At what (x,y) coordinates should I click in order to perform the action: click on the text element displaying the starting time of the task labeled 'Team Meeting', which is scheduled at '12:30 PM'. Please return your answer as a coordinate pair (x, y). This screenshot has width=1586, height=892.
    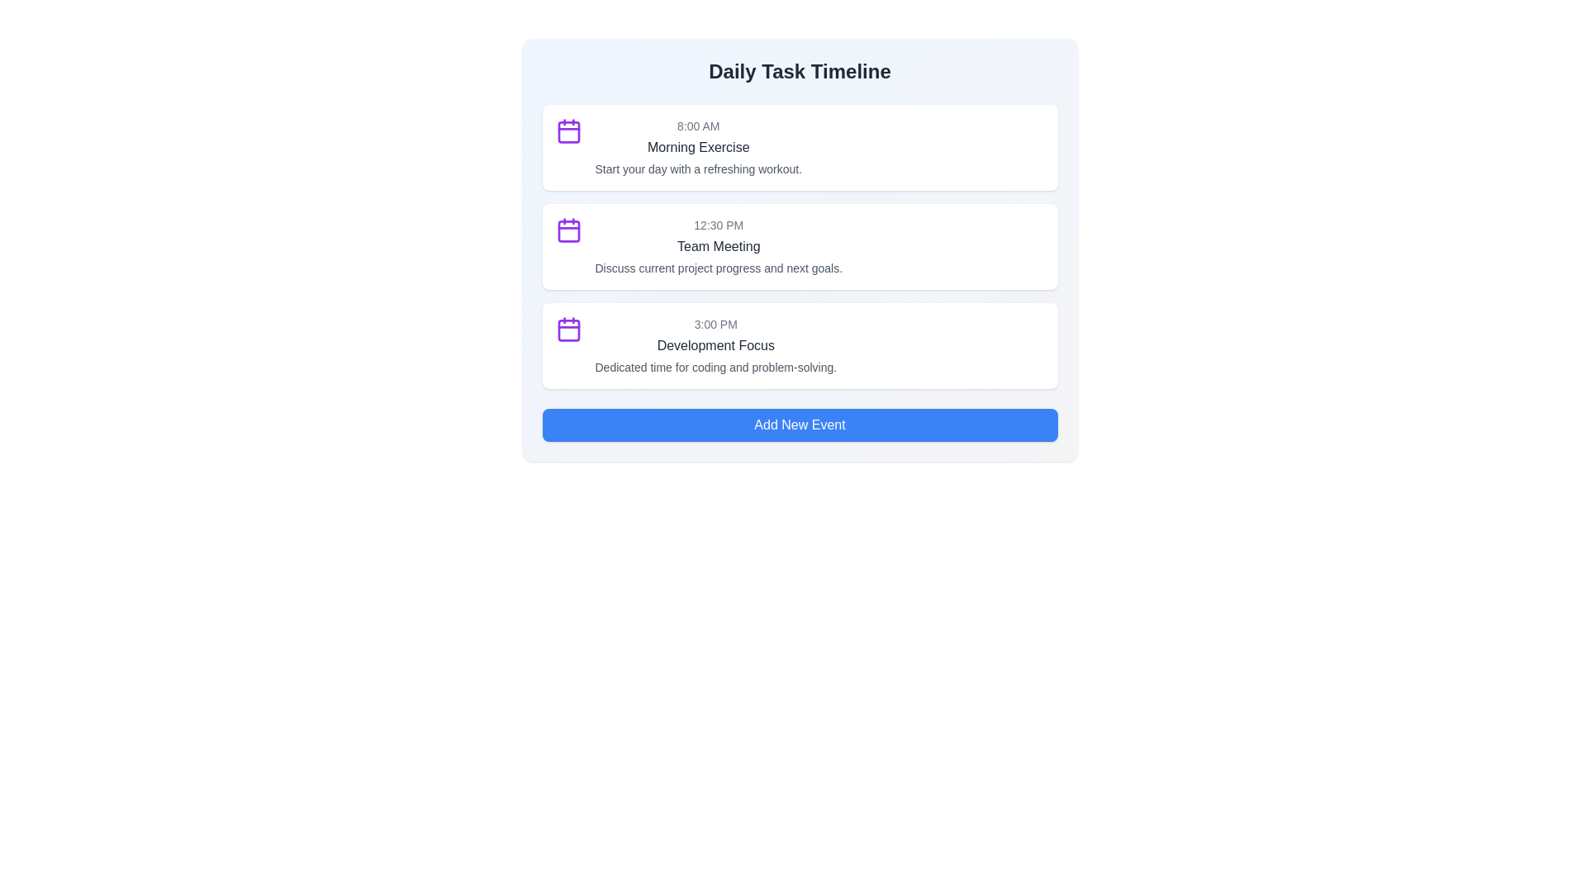
    Looking at the image, I should click on (719, 225).